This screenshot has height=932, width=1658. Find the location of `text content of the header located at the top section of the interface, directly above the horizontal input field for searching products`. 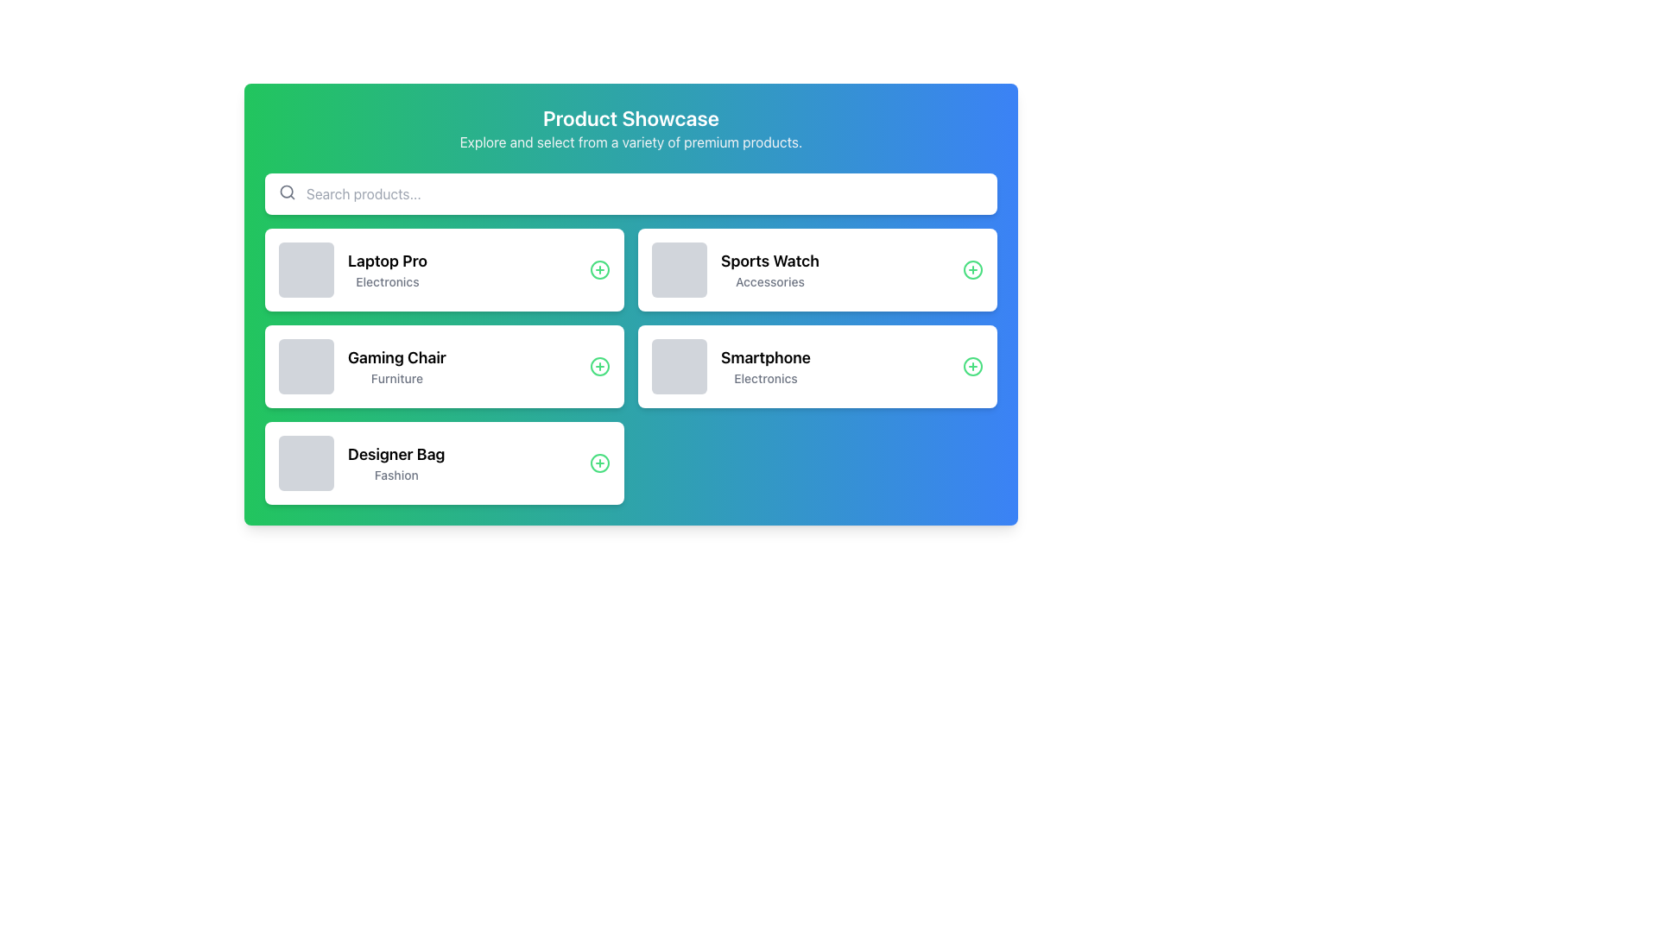

text content of the header located at the top section of the interface, directly above the horizontal input field for searching products is located at coordinates (630, 128).